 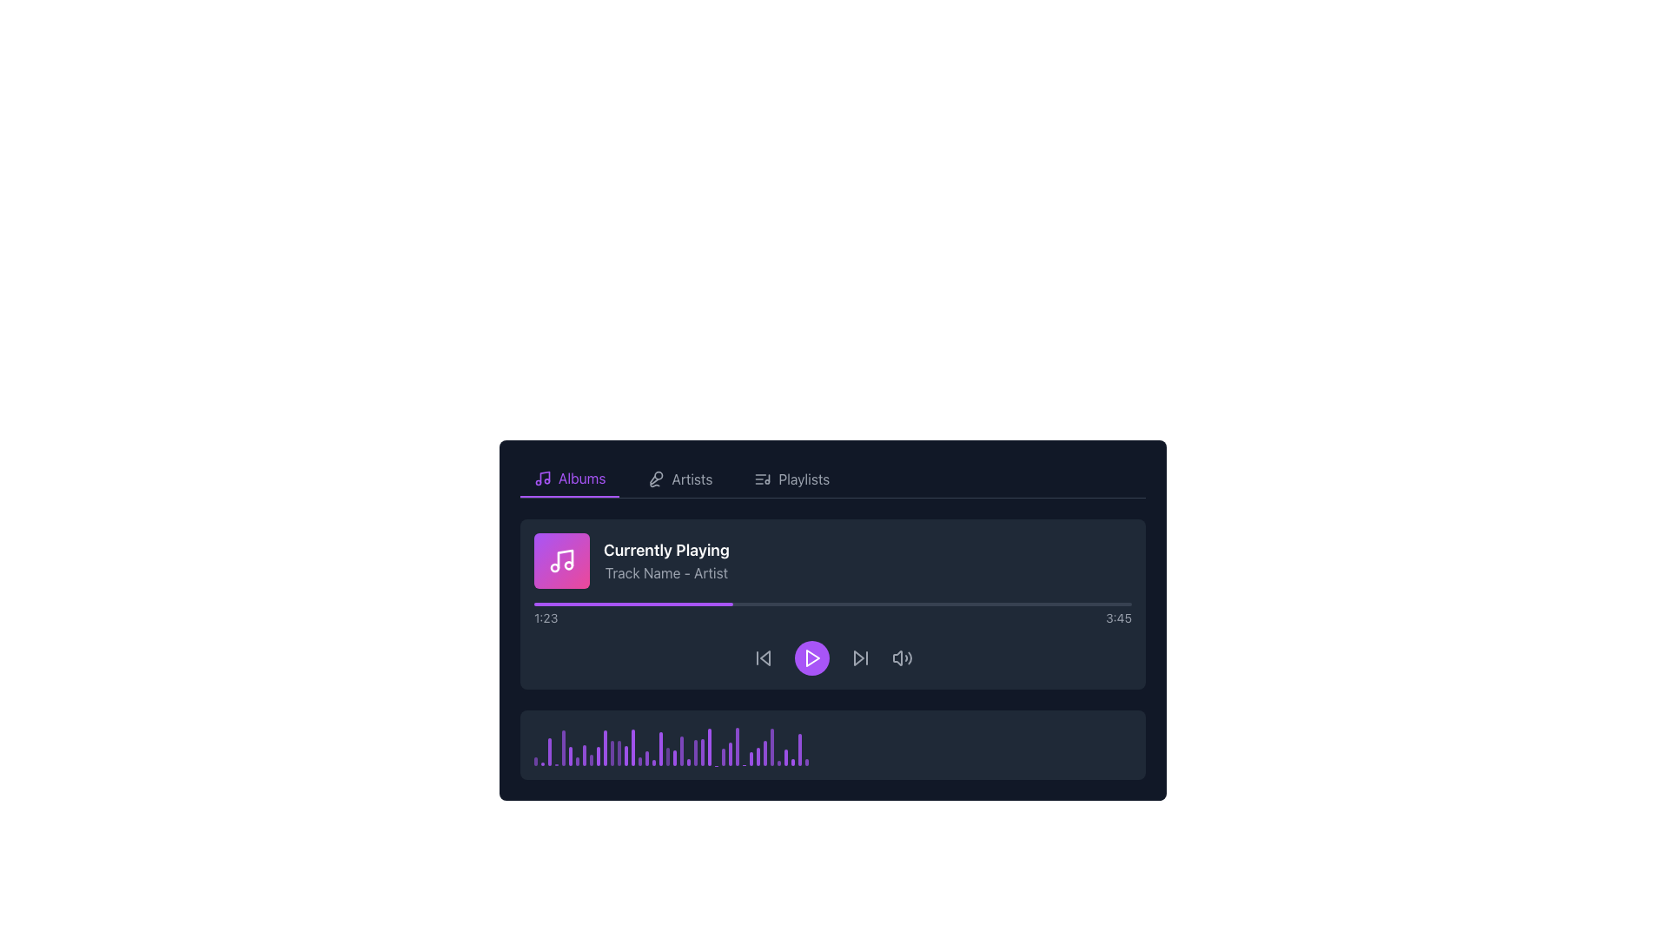 I want to click on the informational text displaying the currently playing track and artist name, located in the 'Currently Playing' section of the music player interface, so click(x=665, y=572).